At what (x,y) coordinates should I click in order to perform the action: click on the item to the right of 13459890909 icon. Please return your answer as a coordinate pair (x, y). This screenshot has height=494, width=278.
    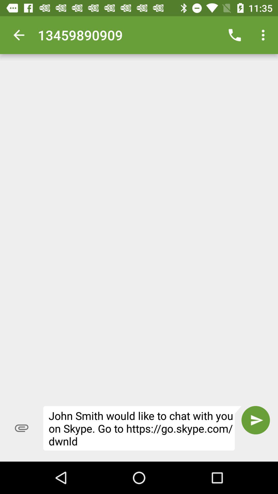
    Looking at the image, I should click on (234, 35).